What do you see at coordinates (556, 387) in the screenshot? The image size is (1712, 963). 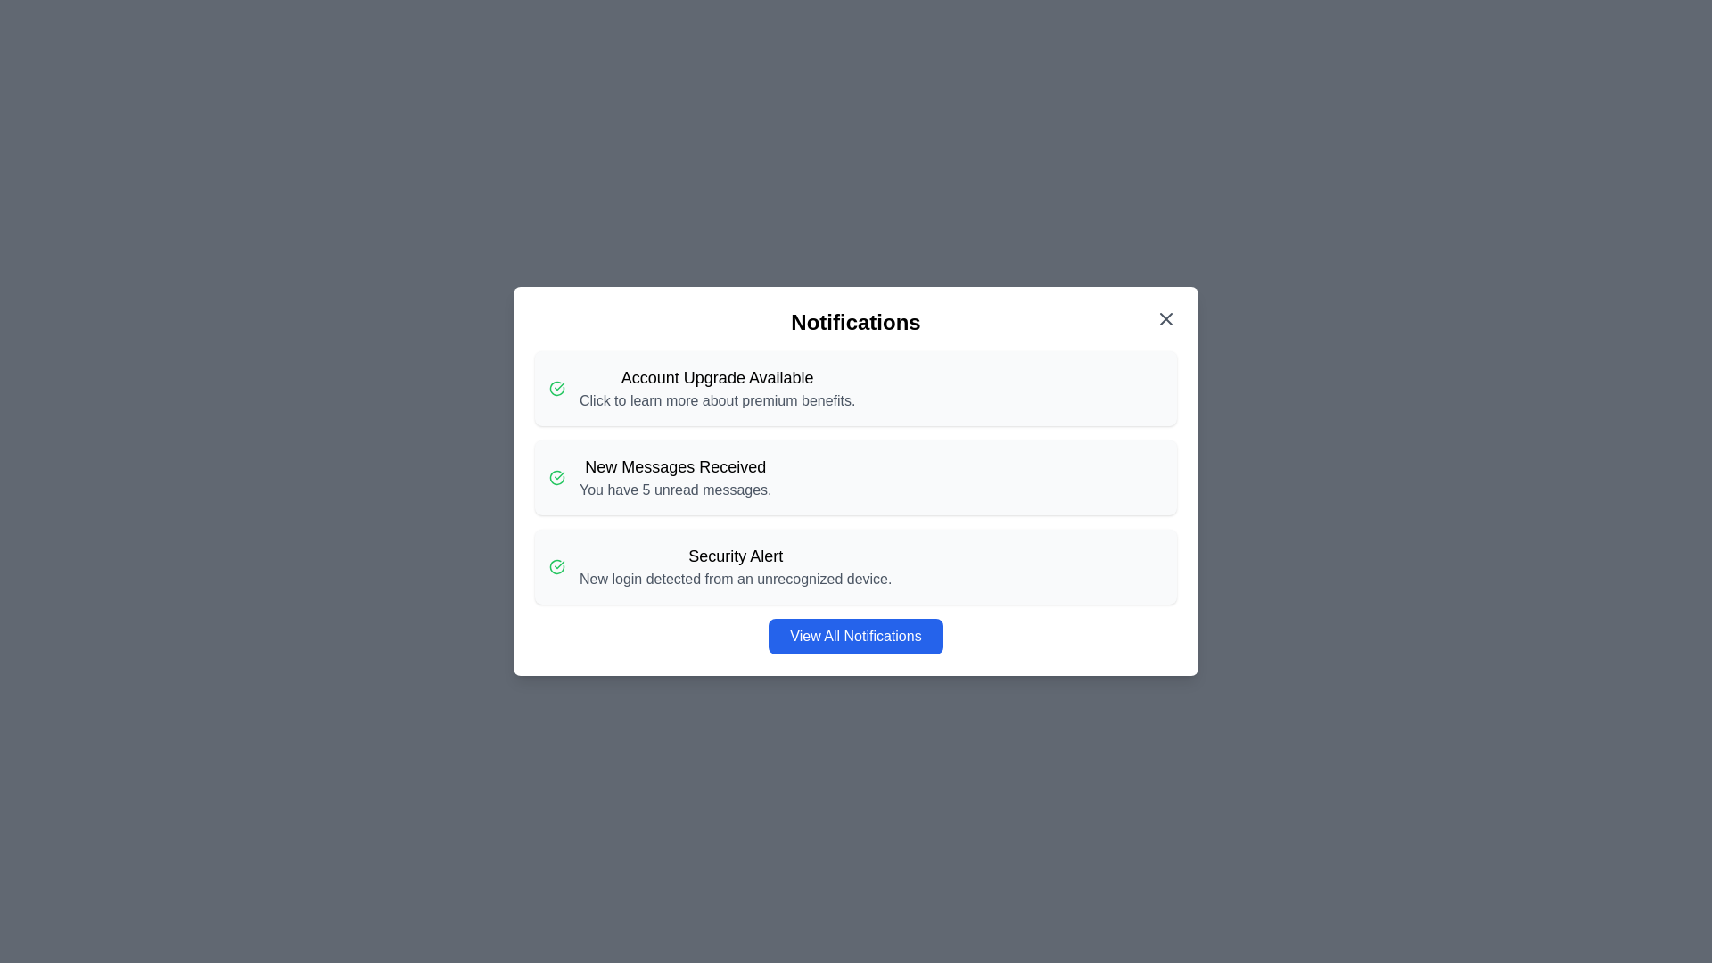 I see `the confirmation icon located to the far left of the 'Account Upgrade Available' notification` at bounding box center [556, 387].